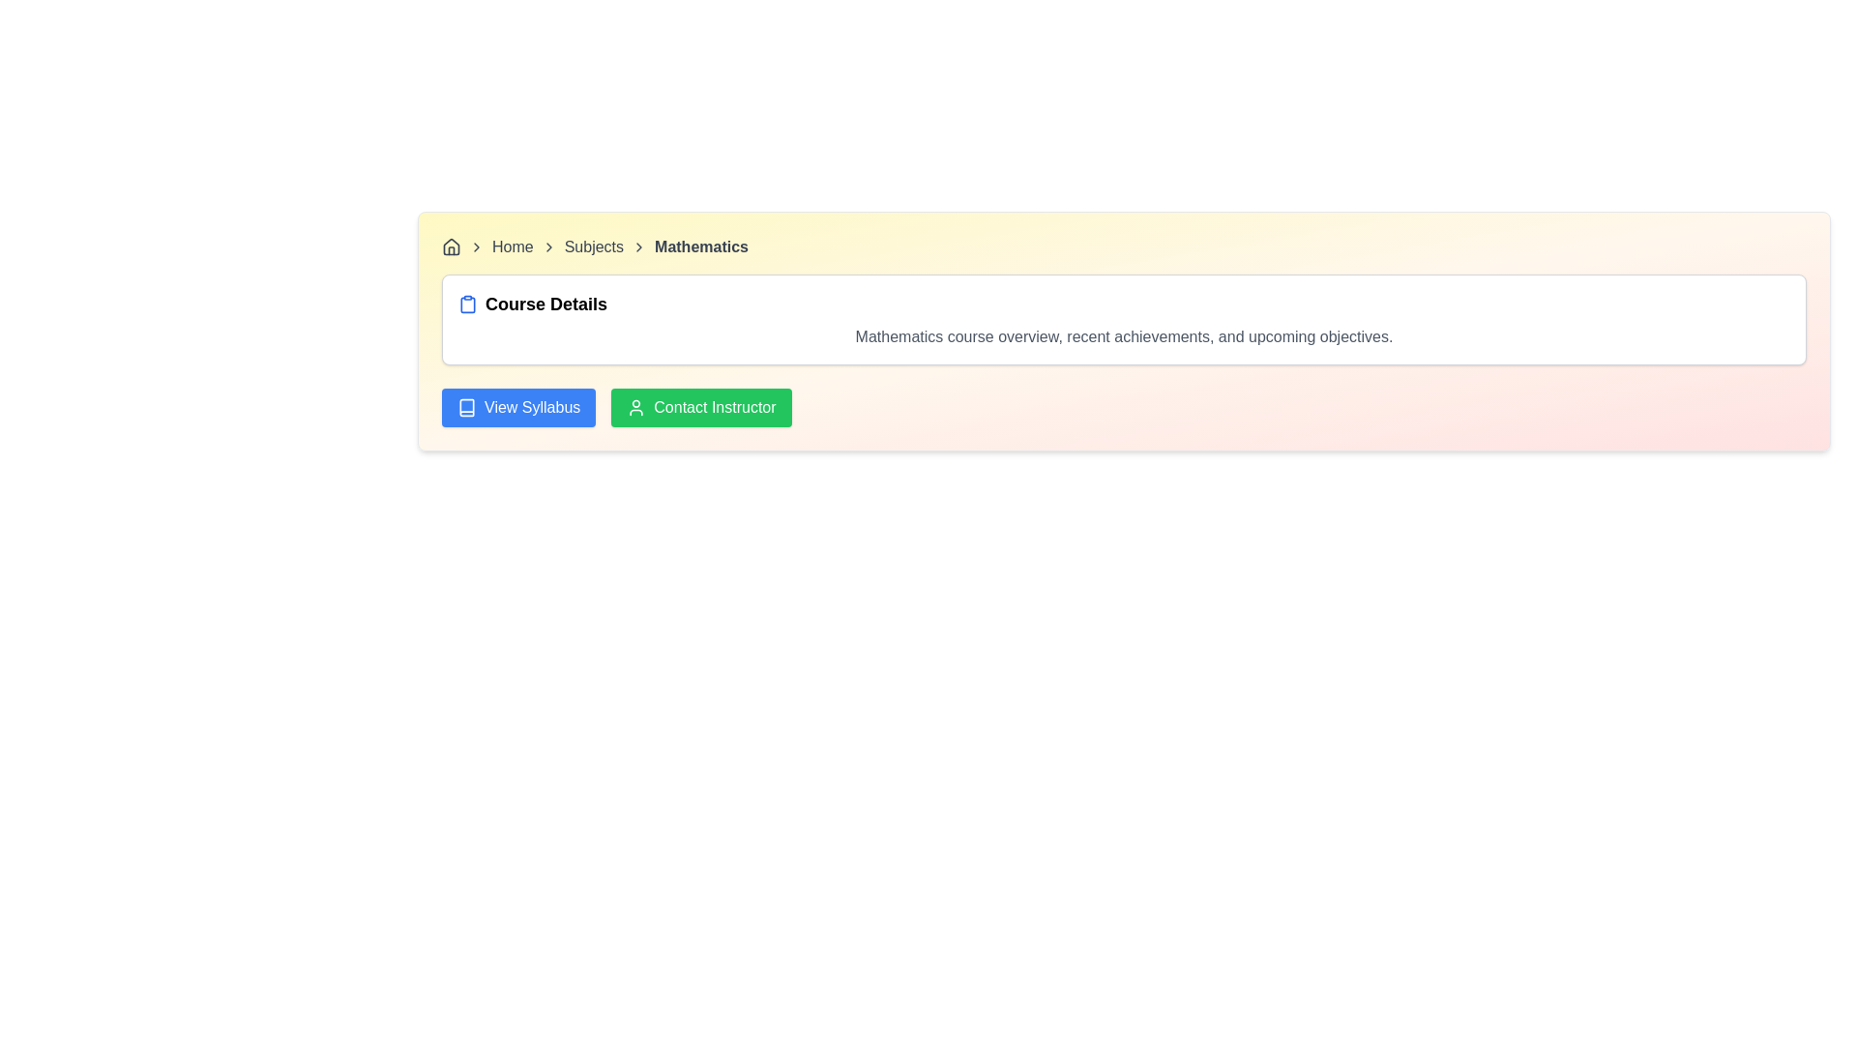 The width and height of the screenshot is (1857, 1044). Describe the element at coordinates (518, 406) in the screenshot. I see `the 'View Syllabus' button, which is a rectangular button with a blue background and white text, positioned to the left of 'Contact Instructor'` at that location.